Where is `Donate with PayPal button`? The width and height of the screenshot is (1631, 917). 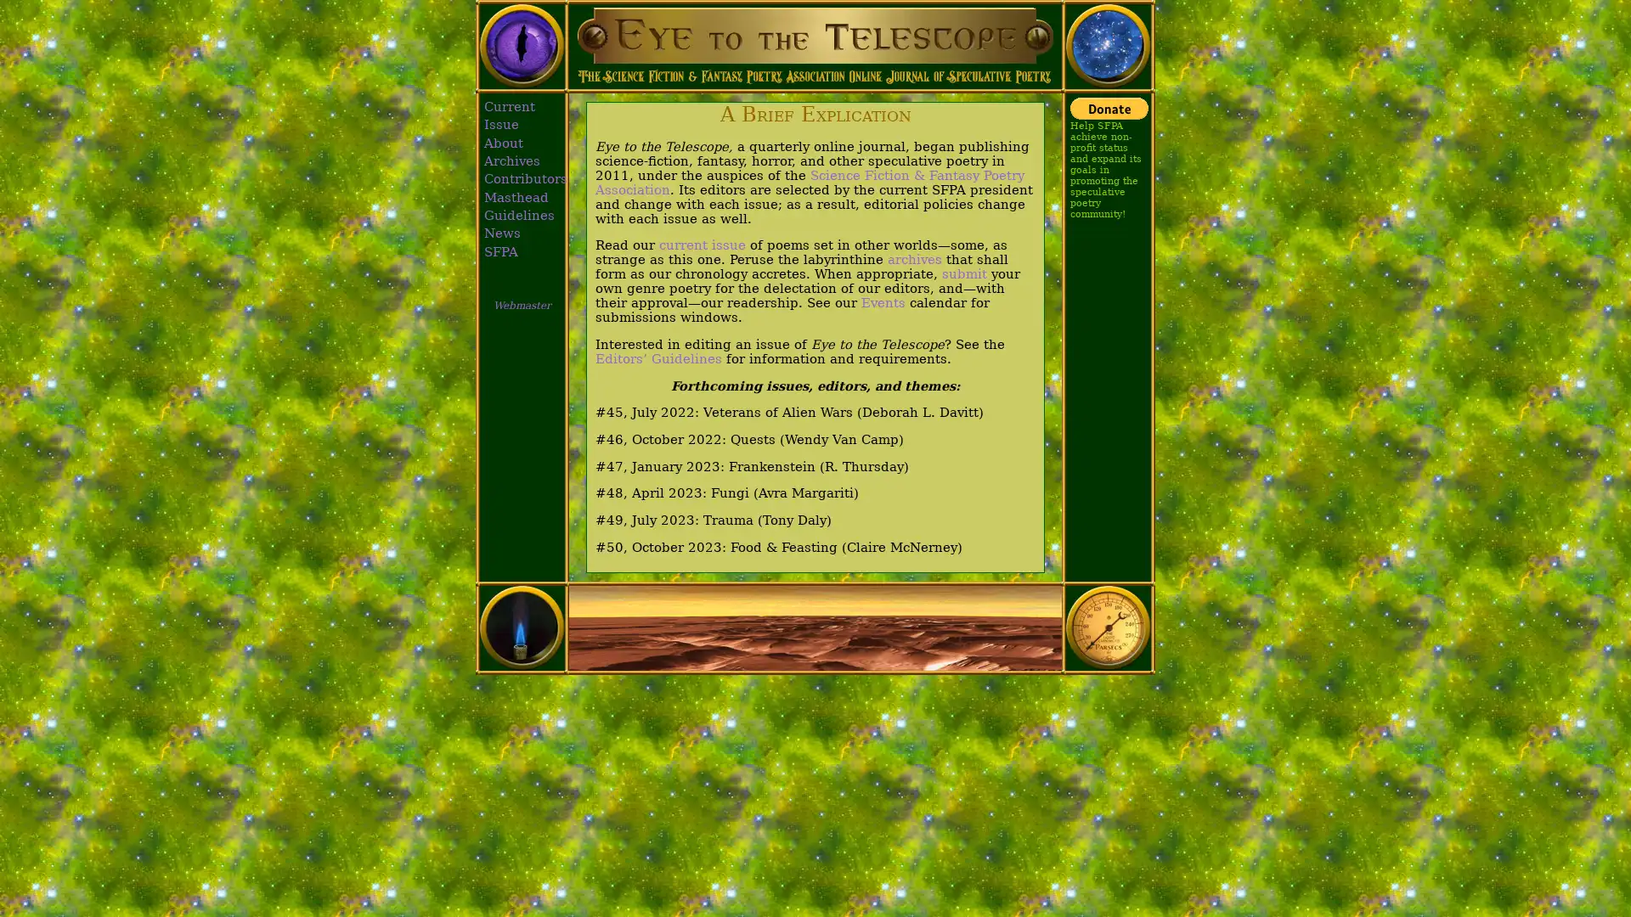 Donate with PayPal button is located at coordinates (1109, 108).